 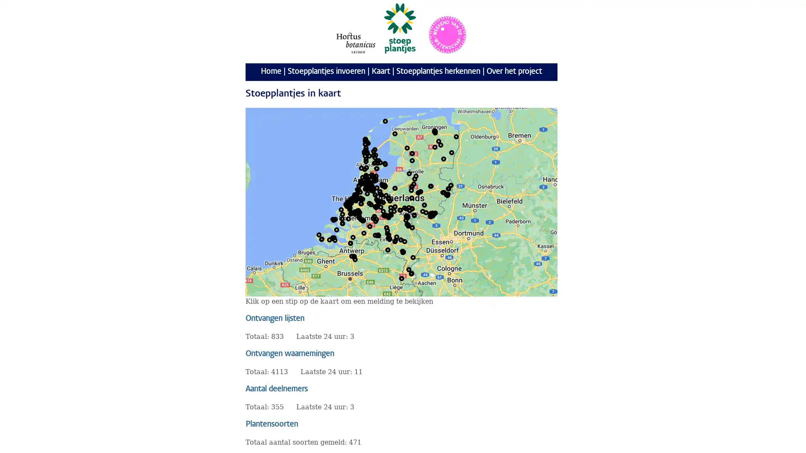 I want to click on Telling van op 21 mei 2022, so click(x=365, y=182).